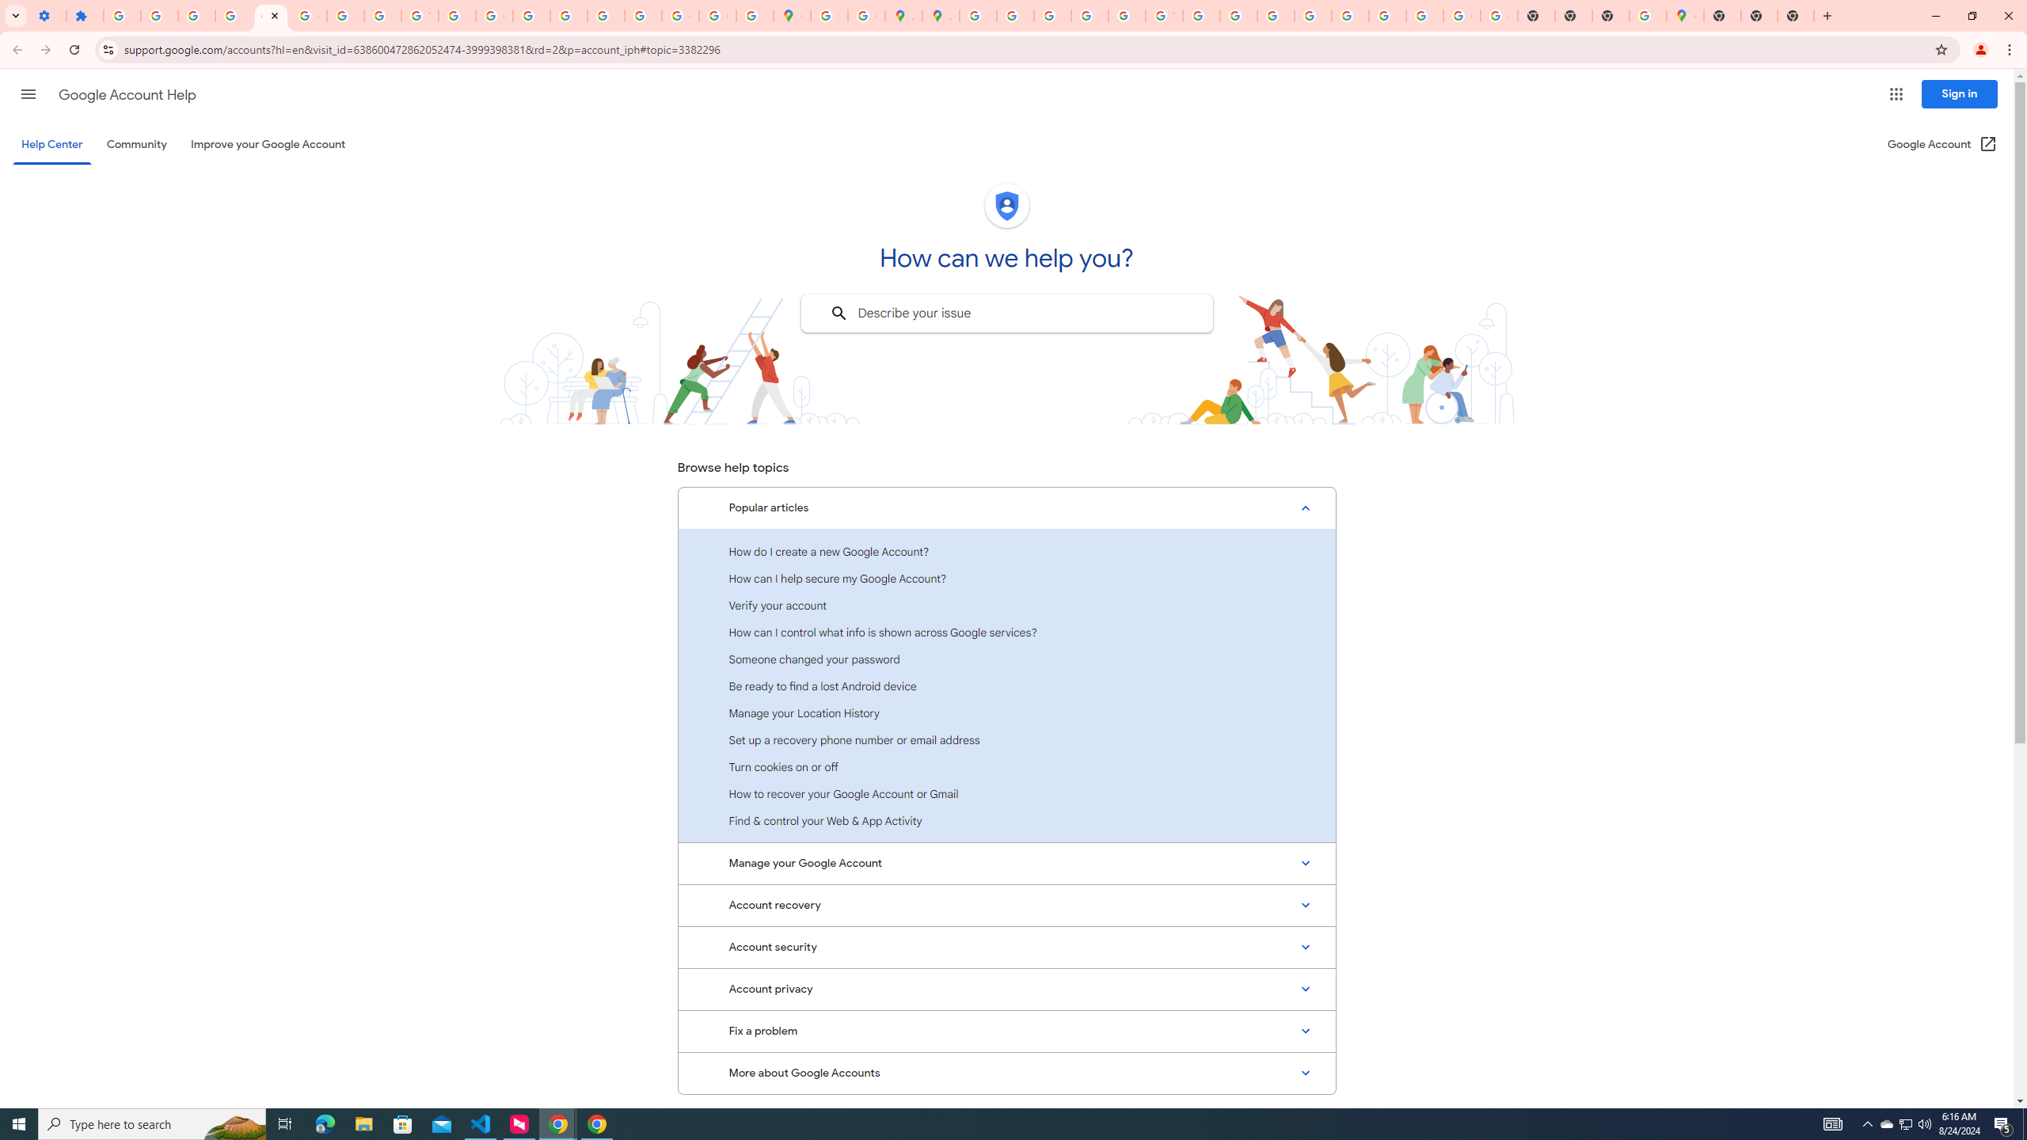  Describe the element at coordinates (456, 15) in the screenshot. I see `'https://scholar.google.com/'` at that location.